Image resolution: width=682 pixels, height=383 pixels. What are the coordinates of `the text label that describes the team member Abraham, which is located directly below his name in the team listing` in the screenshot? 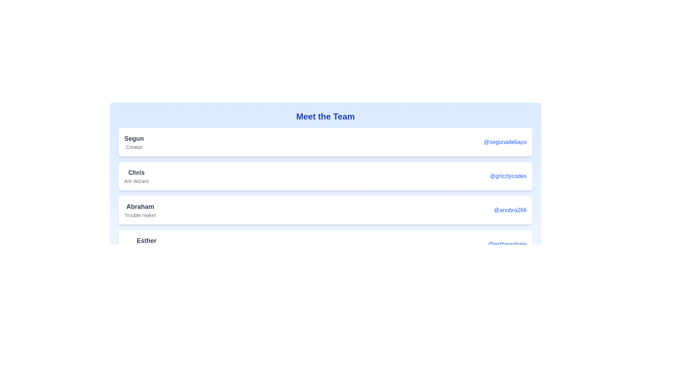 It's located at (140, 215).